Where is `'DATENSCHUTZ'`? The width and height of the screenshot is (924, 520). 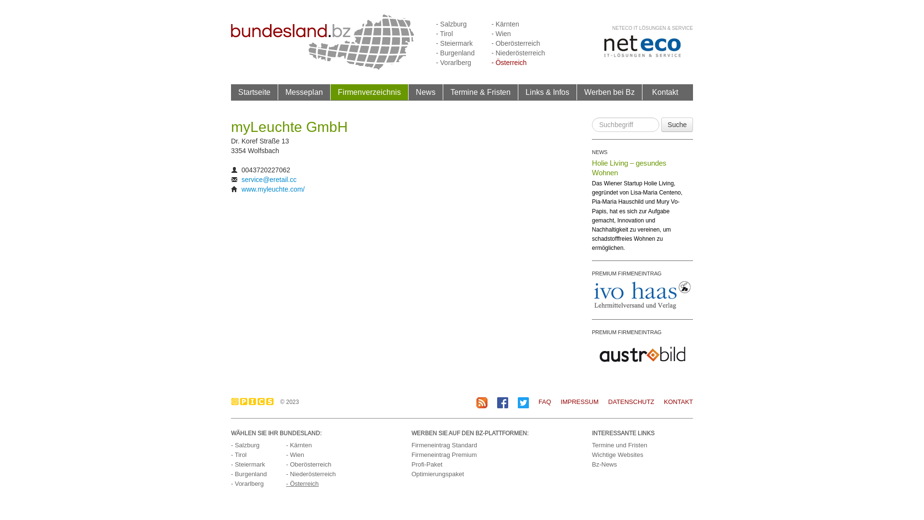
'DATENSCHUTZ' is located at coordinates (626, 401).